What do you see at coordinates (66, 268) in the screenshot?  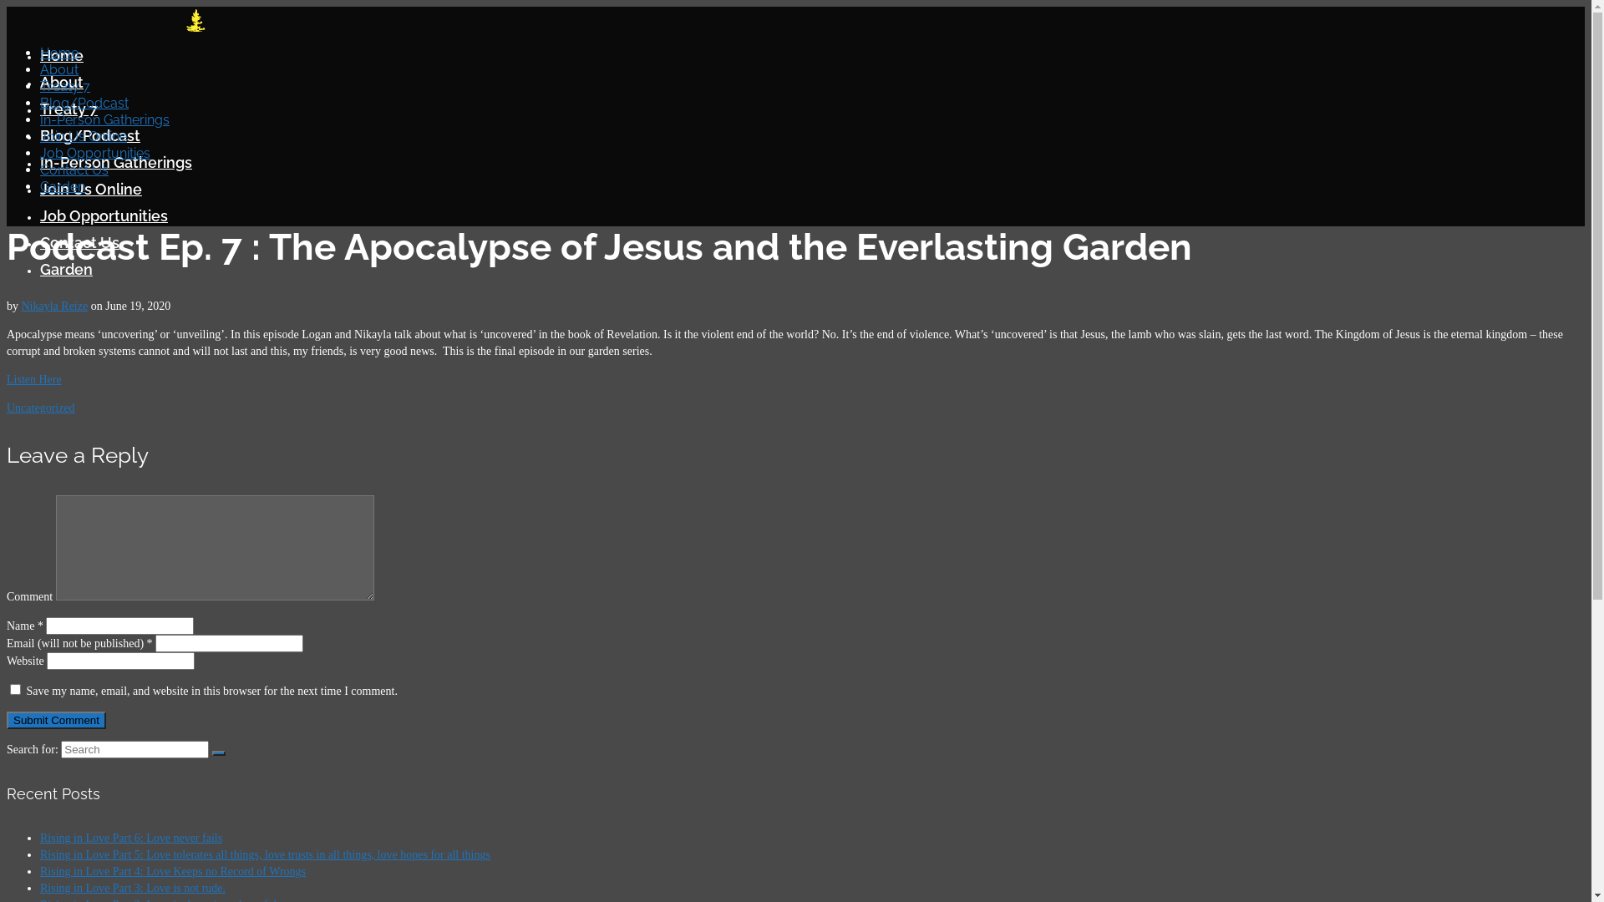 I see `'Garden'` at bounding box center [66, 268].